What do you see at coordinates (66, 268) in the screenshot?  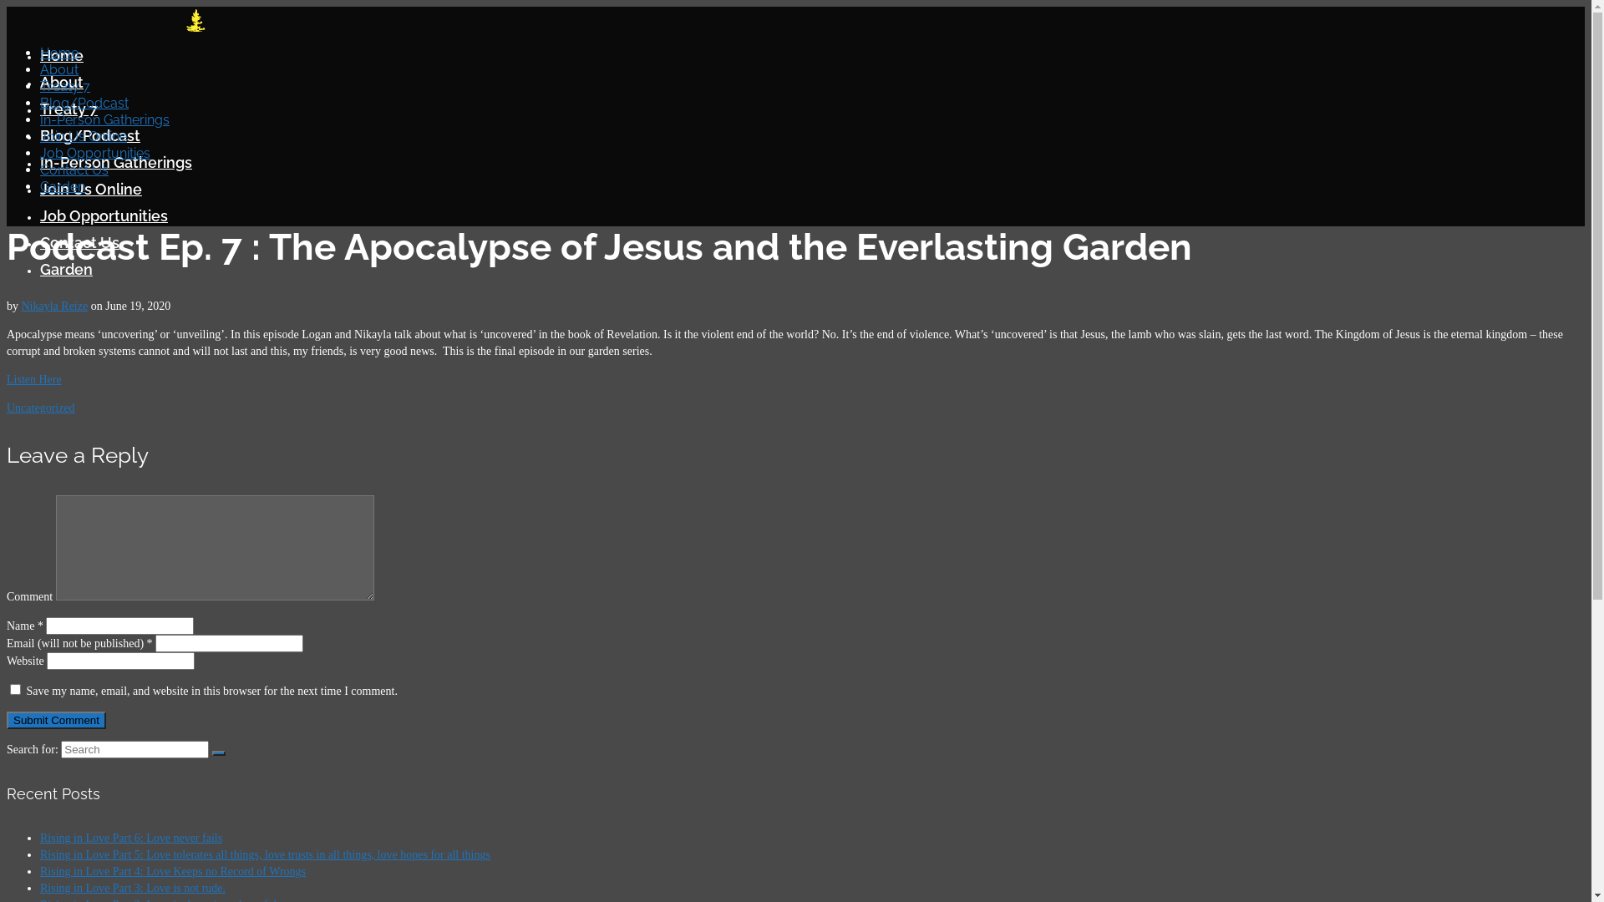 I see `'Garden'` at bounding box center [66, 268].